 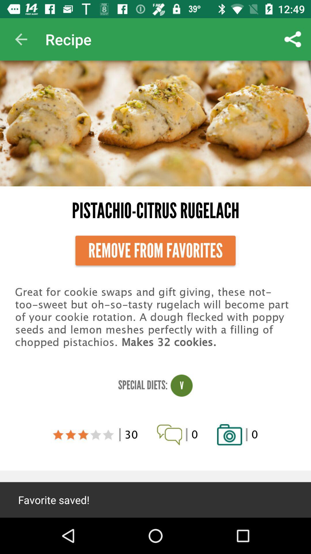 What do you see at coordinates (21, 39) in the screenshot?
I see `app to the left of recipe app` at bounding box center [21, 39].